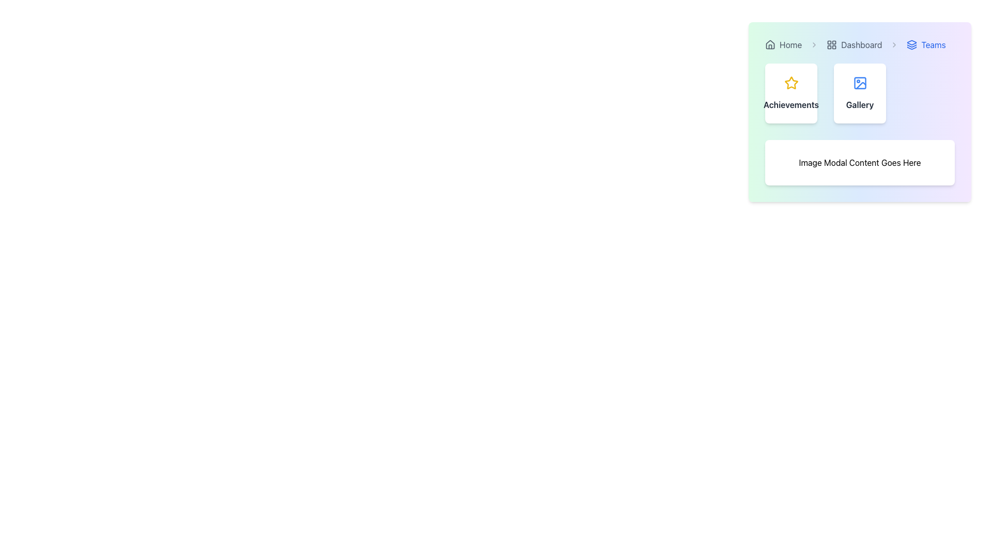 This screenshot has width=992, height=558. I want to click on the 'Gallery' text label, which is styled with a bold font and gray color, located centrally under an image icon in the second card of two cards, so click(860, 105).